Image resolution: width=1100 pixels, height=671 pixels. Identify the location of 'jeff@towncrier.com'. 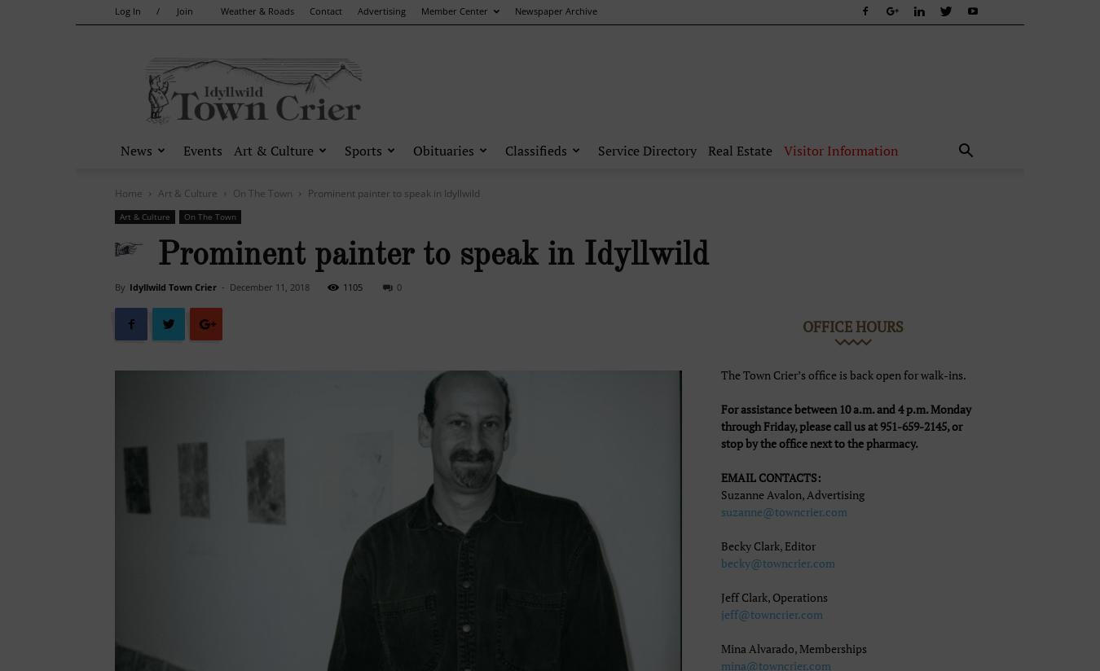
(721, 614).